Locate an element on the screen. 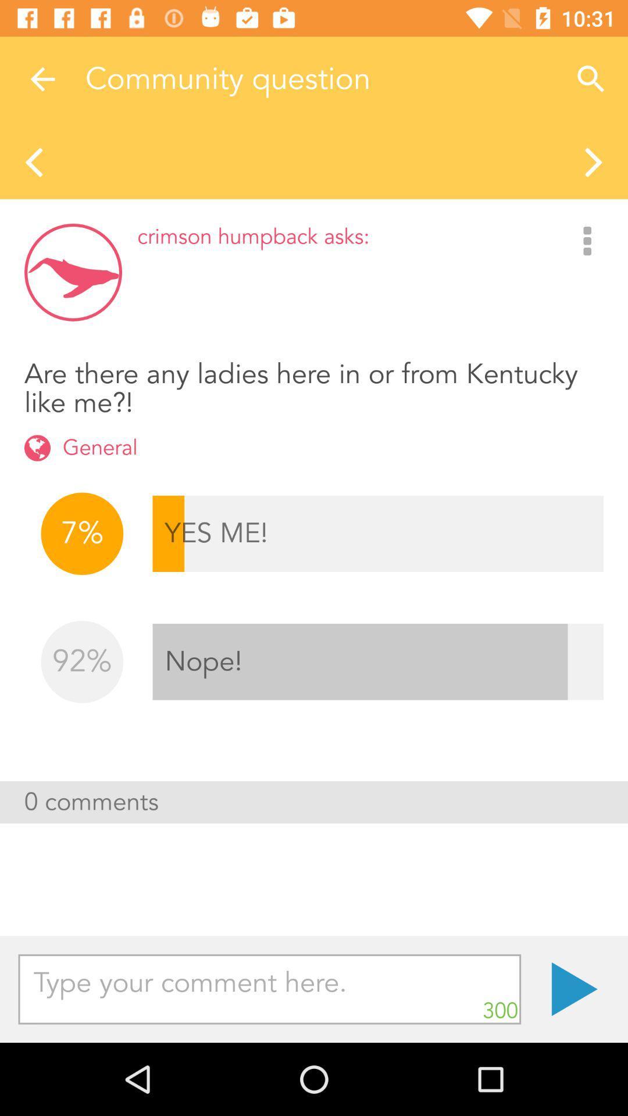  item below the 0 comments is located at coordinates (269, 989).